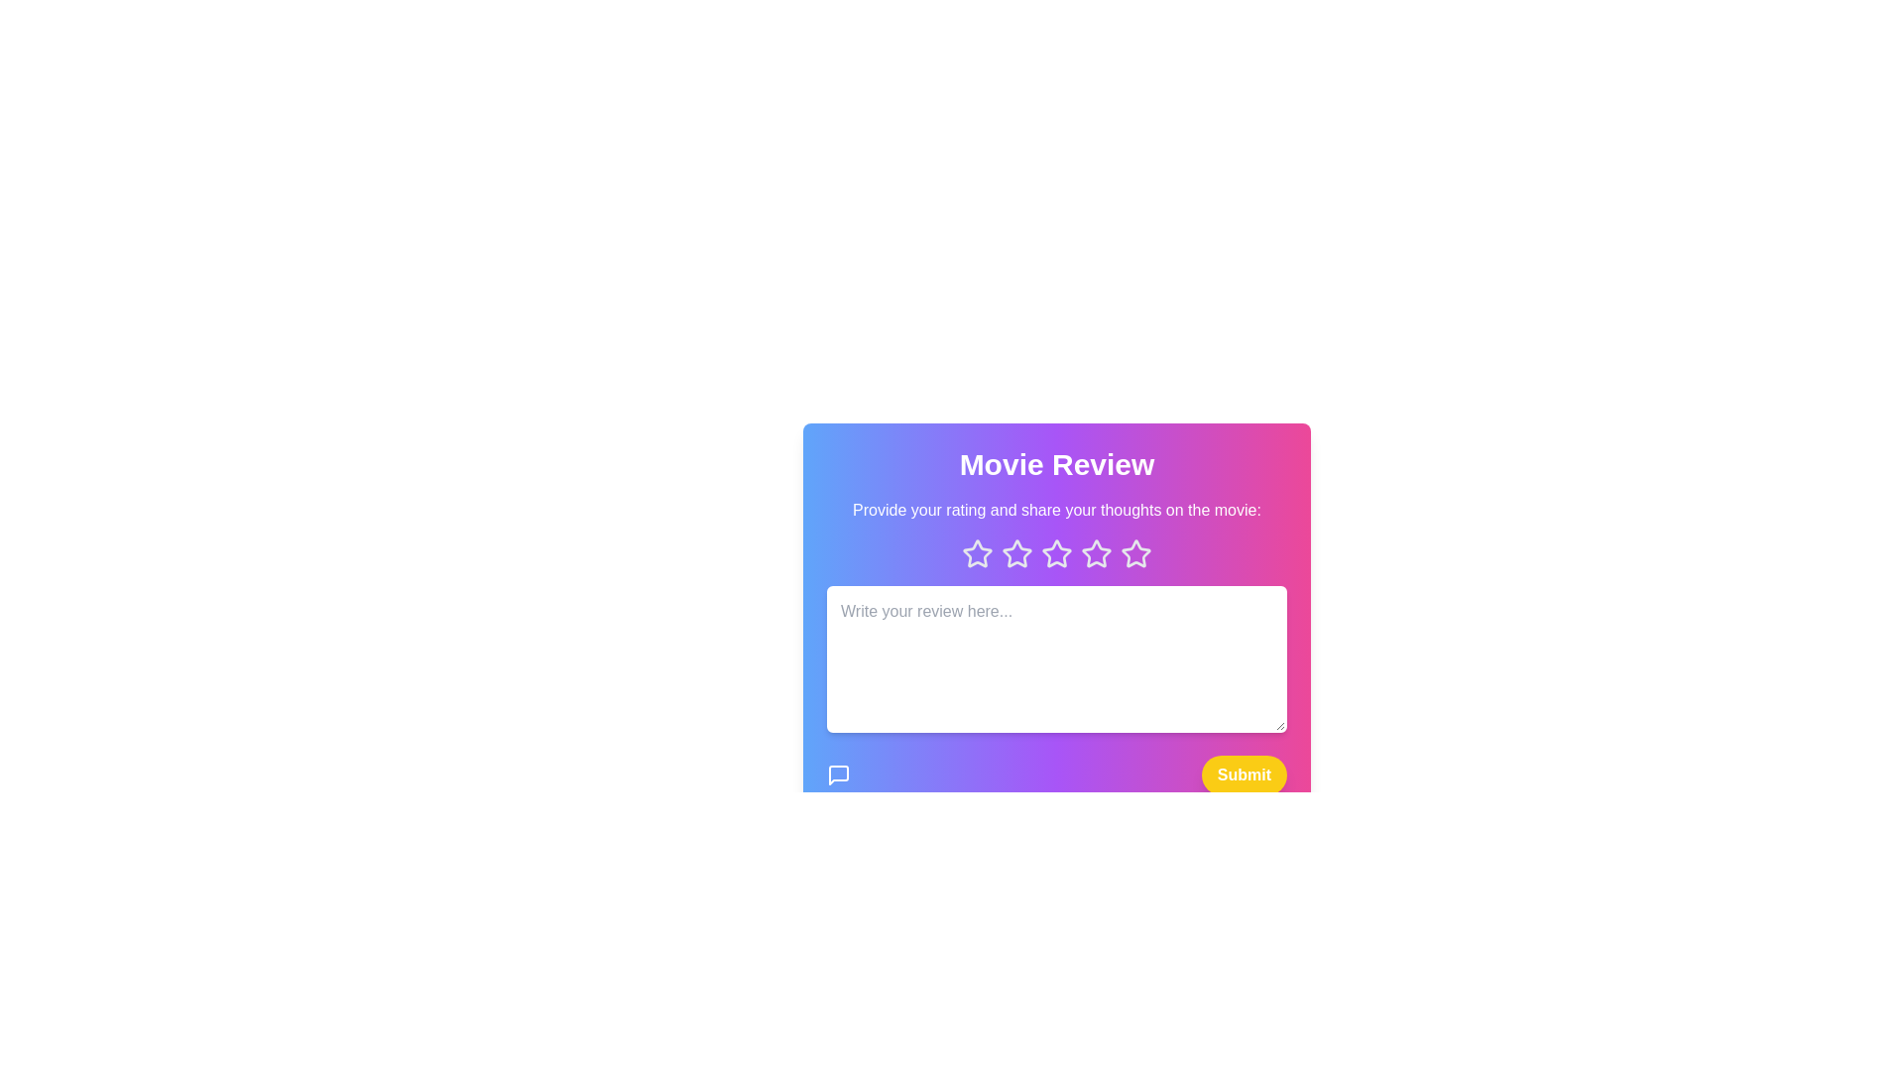 This screenshot has height=1071, width=1904. What do you see at coordinates (1095, 554) in the screenshot?
I see `the star icon corresponding to 4 to preview the rating` at bounding box center [1095, 554].